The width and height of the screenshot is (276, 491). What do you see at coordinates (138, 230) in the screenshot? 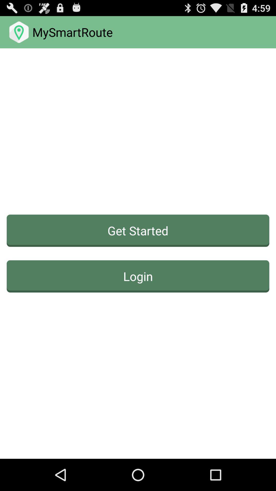
I see `the item above login icon` at bounding box center [138, 230].